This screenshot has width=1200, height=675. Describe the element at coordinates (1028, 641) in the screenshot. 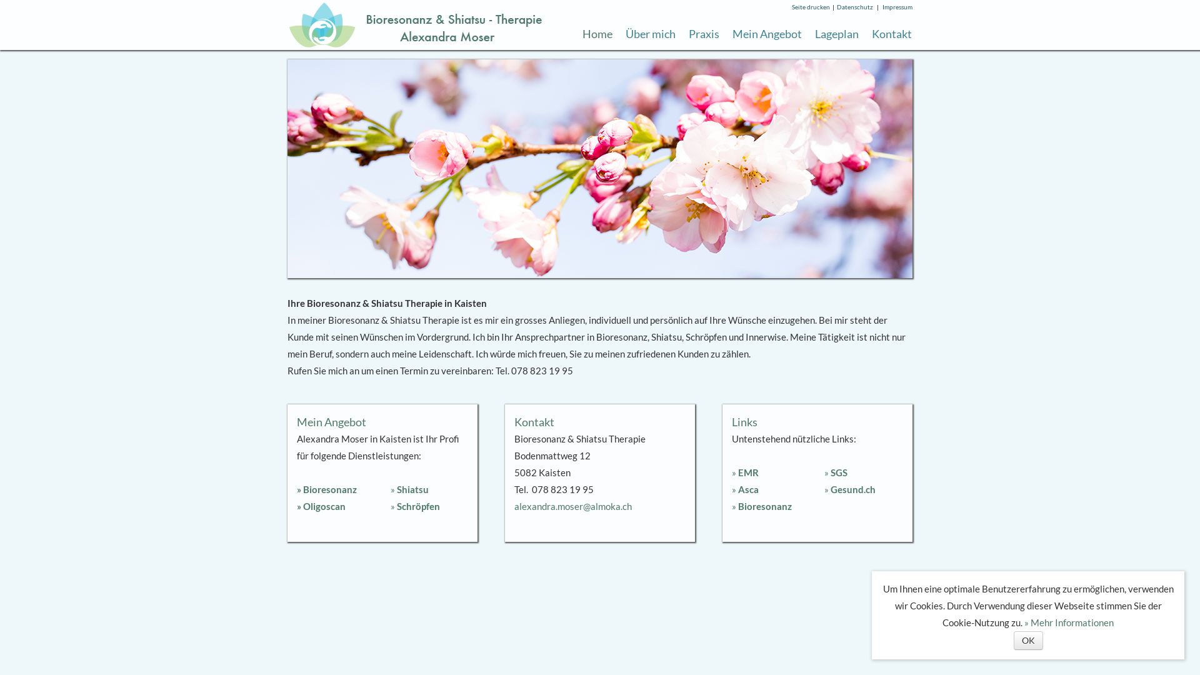

I see `'OK'` at that location.